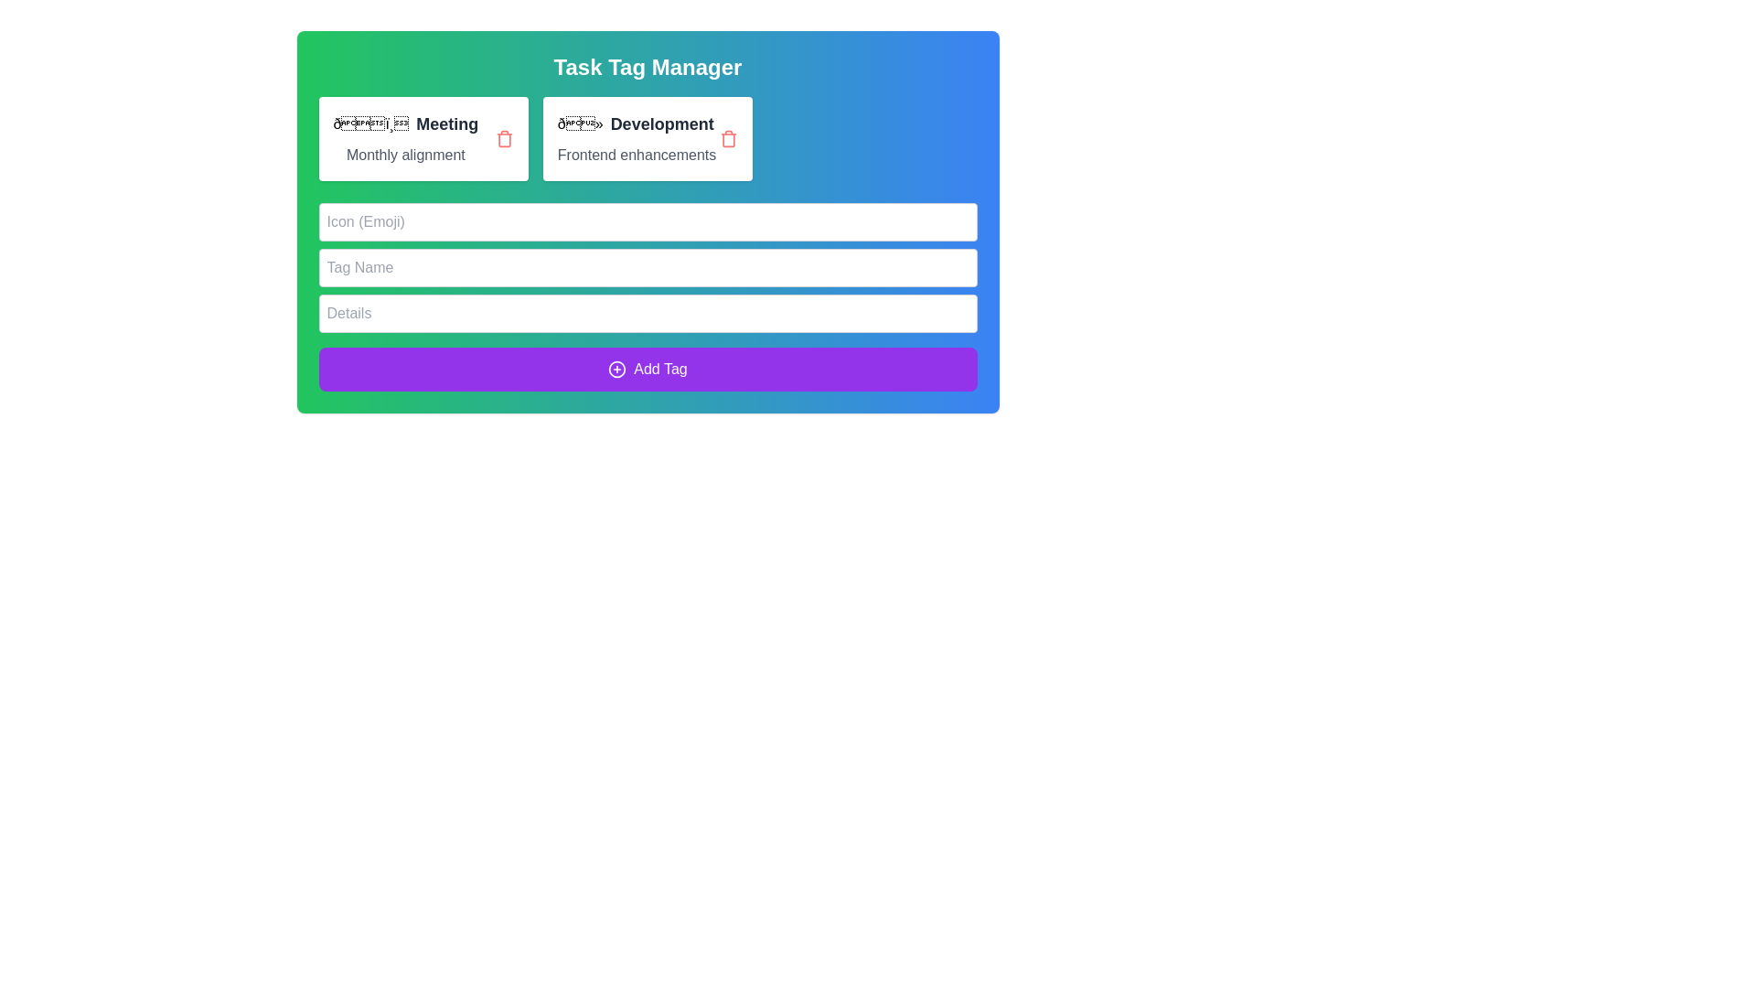 The image size is (1756, 988). I want to click on the trash can icon located near the top center of the interface under the 'Task Tag Manager' header, so click(504, 139).